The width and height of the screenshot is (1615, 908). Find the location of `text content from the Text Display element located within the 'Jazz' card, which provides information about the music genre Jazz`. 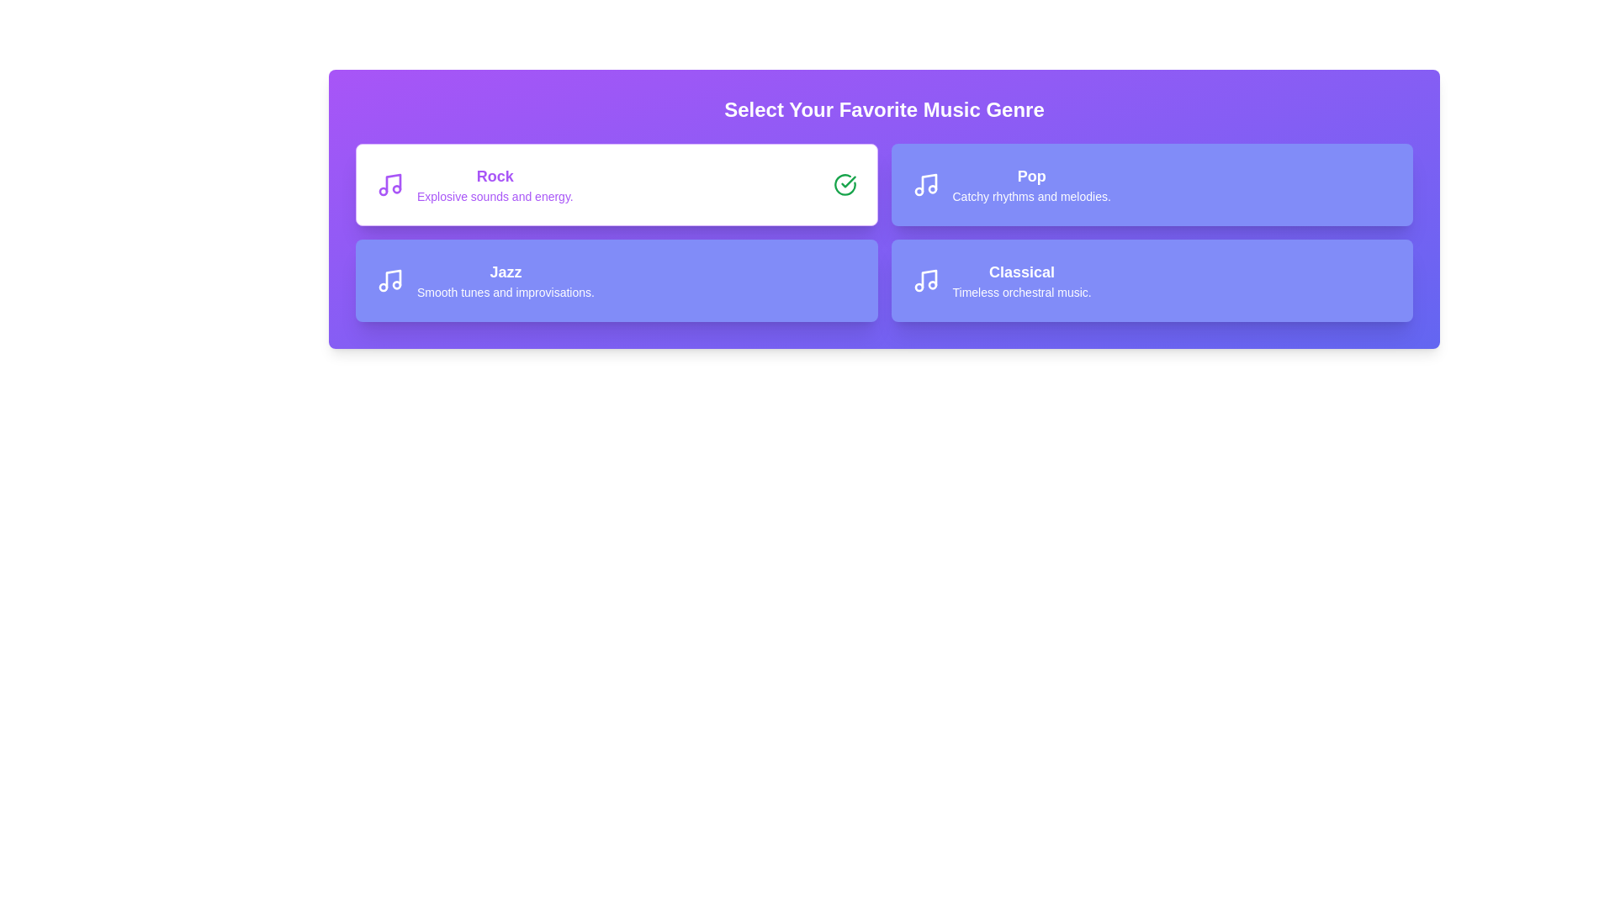

text content from the Text Display element located within the 'Jazz' card, which provides information about the music genre Jazz is located at coordinates (505, 280).